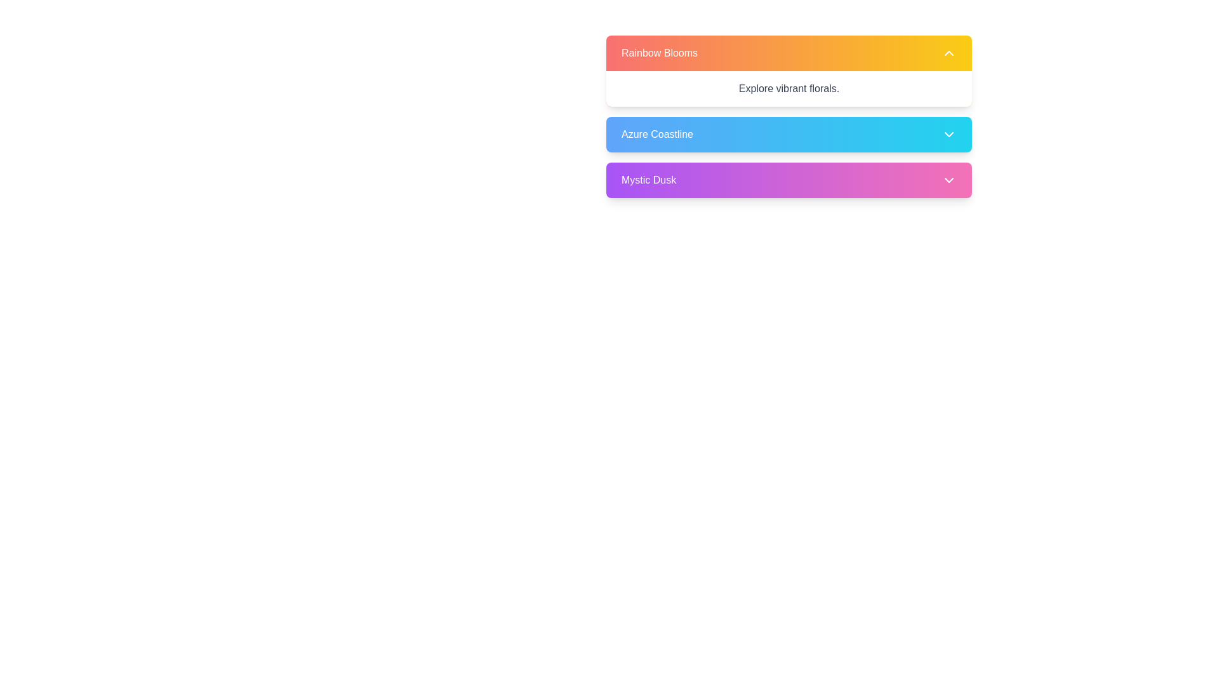  Describe the element at coordinates (949, 180) in the screenshot. I see `the icon button for expanding/collapsing content related to 'Mystic Dusk'` at that location.